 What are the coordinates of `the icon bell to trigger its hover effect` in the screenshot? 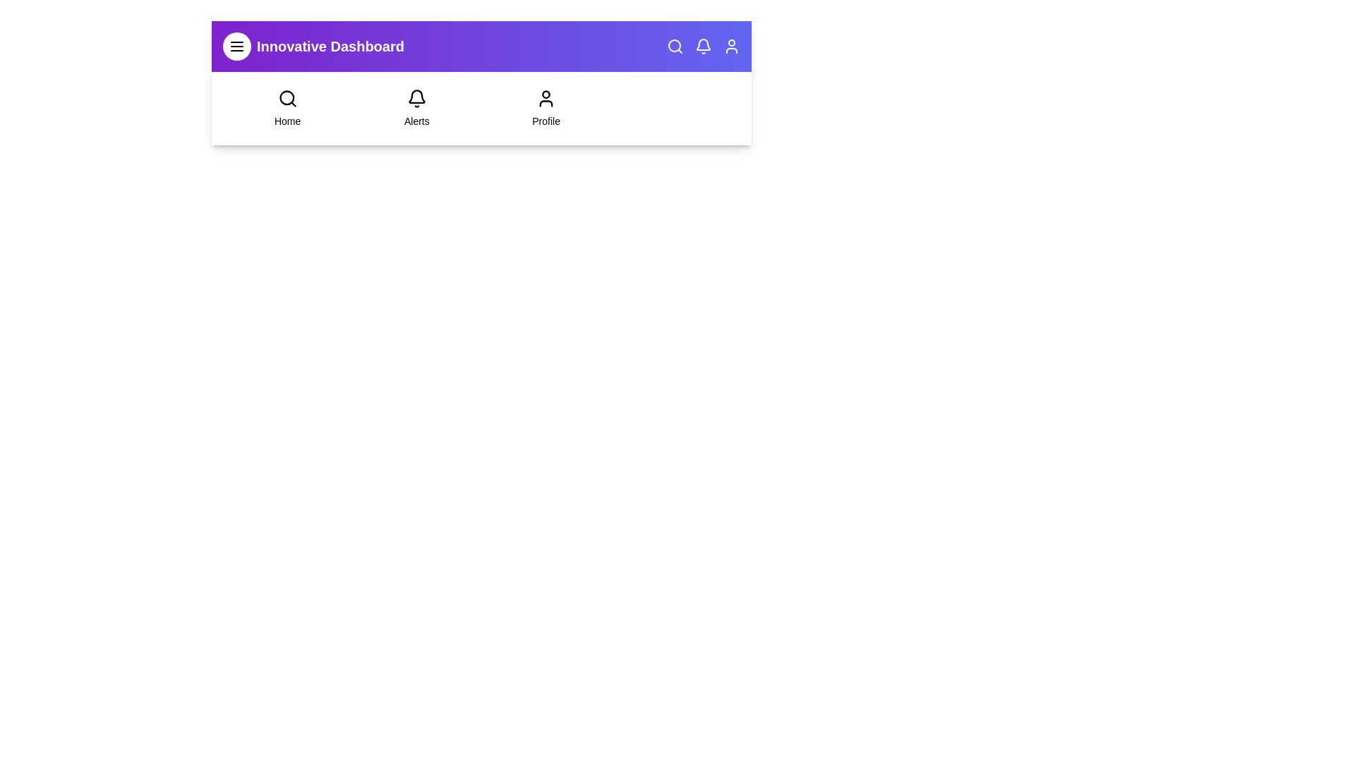 It's located at (704, 45).